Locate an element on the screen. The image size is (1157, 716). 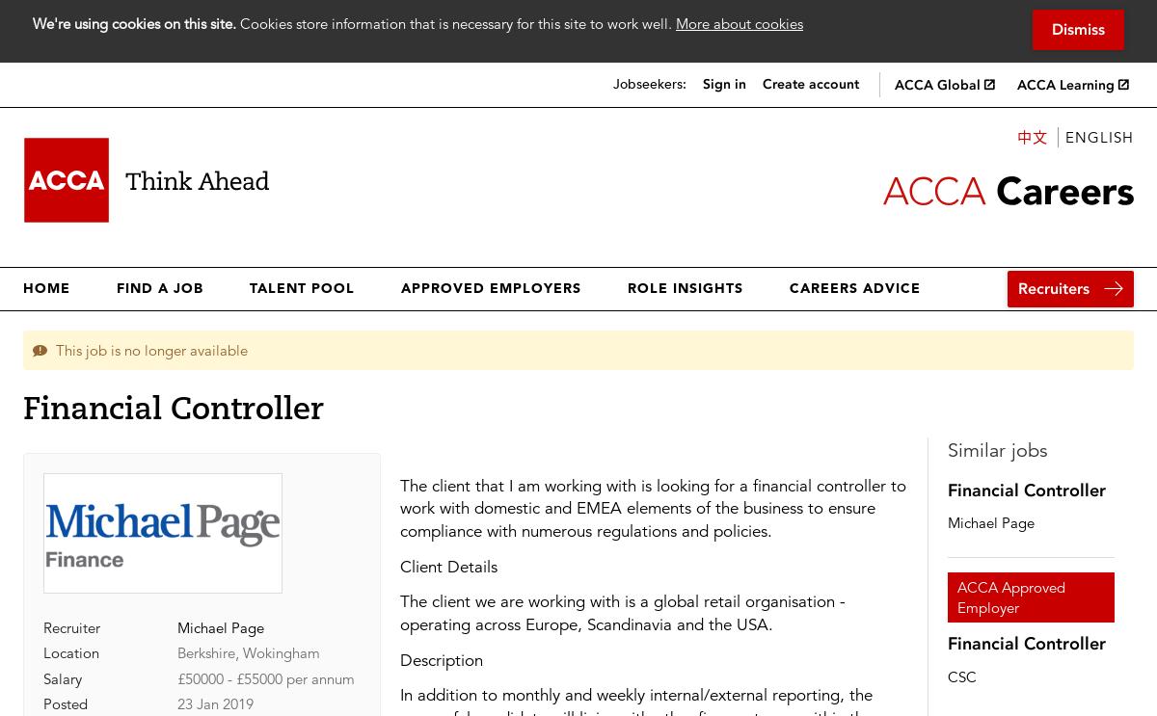
'Recruiter' is located at coordinates (71, 627).